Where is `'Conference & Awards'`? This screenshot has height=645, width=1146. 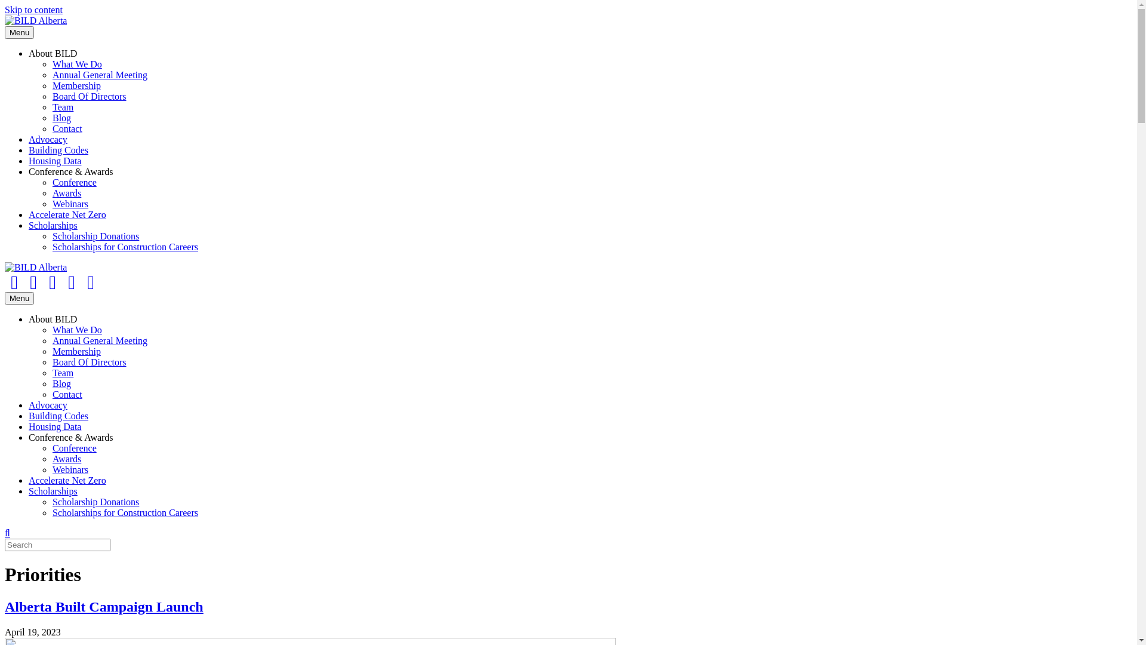
'Conference & Awards' is located at coordinates (70, 171).